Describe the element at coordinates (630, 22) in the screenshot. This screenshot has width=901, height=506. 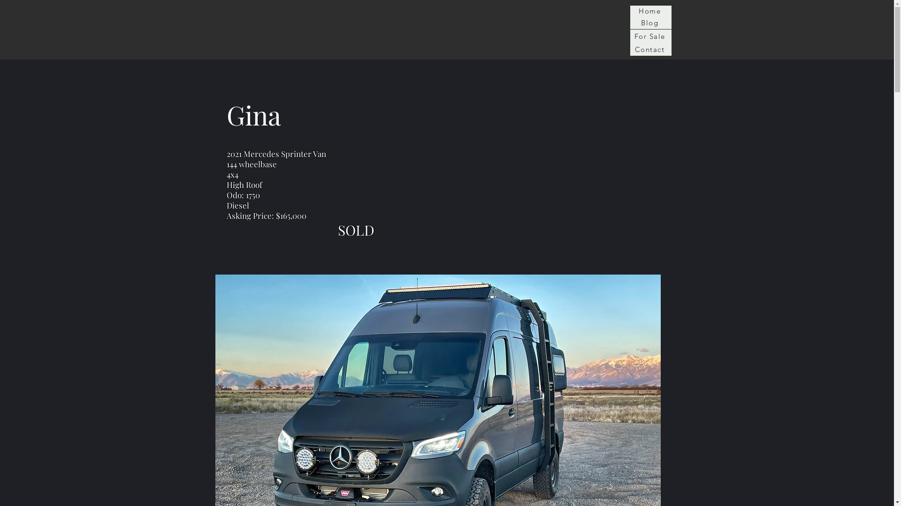
I see `'Blog'` at that location.